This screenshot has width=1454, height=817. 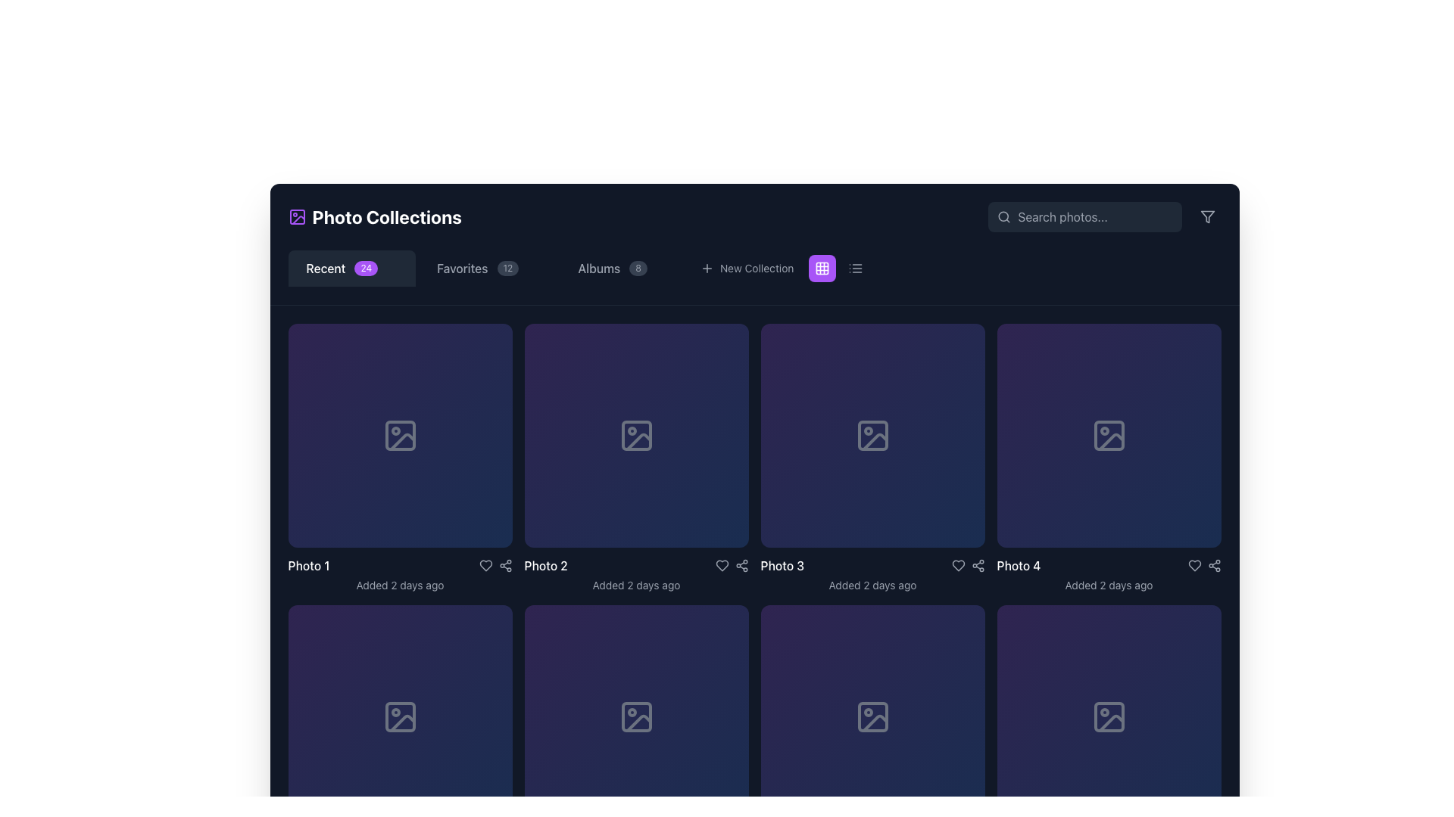 I want to click on the Counter label, which is a small, rounded rectangle with a dark gray background displaying the number '12', located directly to the right of the text 'Favorites' in the horizontal navigation bar, so click(x=507, y=267).